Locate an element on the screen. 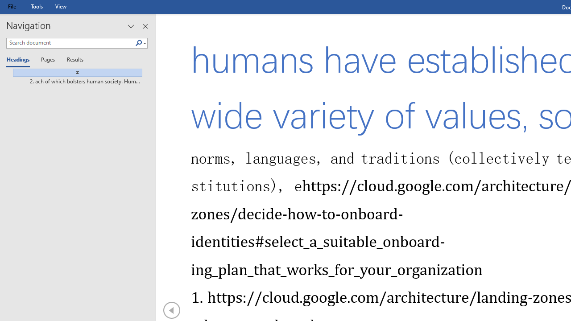  'Tools' is located at coordinates (36, 6).